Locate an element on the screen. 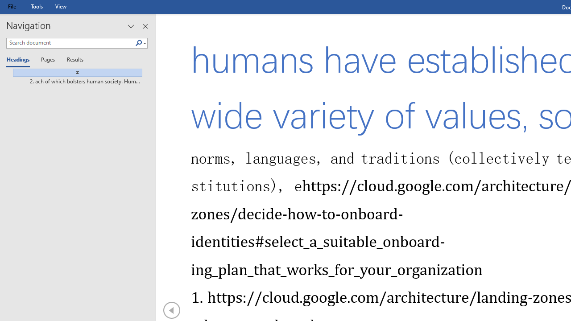  'Tools' is located at coordinates (36, 6).